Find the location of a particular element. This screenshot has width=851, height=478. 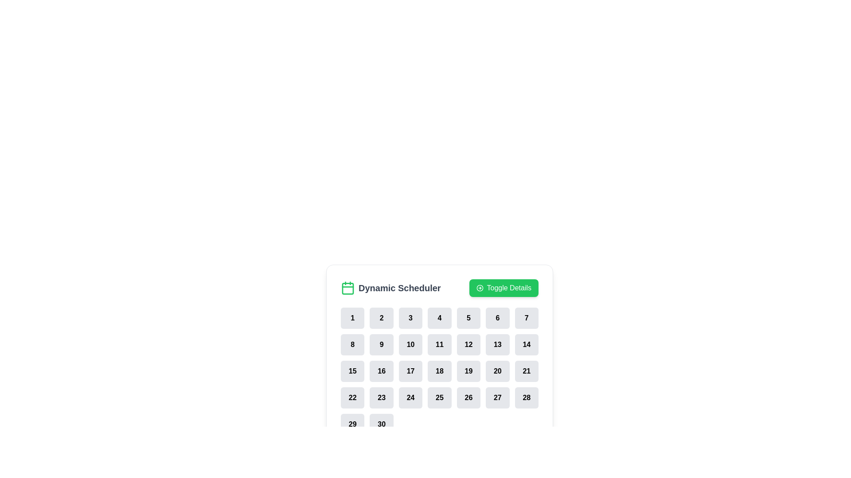

the Interactive Button displaying the number '27', which is the 6th item in the 4th row of a grid structure, to change its appearance is located at coordinates (497, 397).